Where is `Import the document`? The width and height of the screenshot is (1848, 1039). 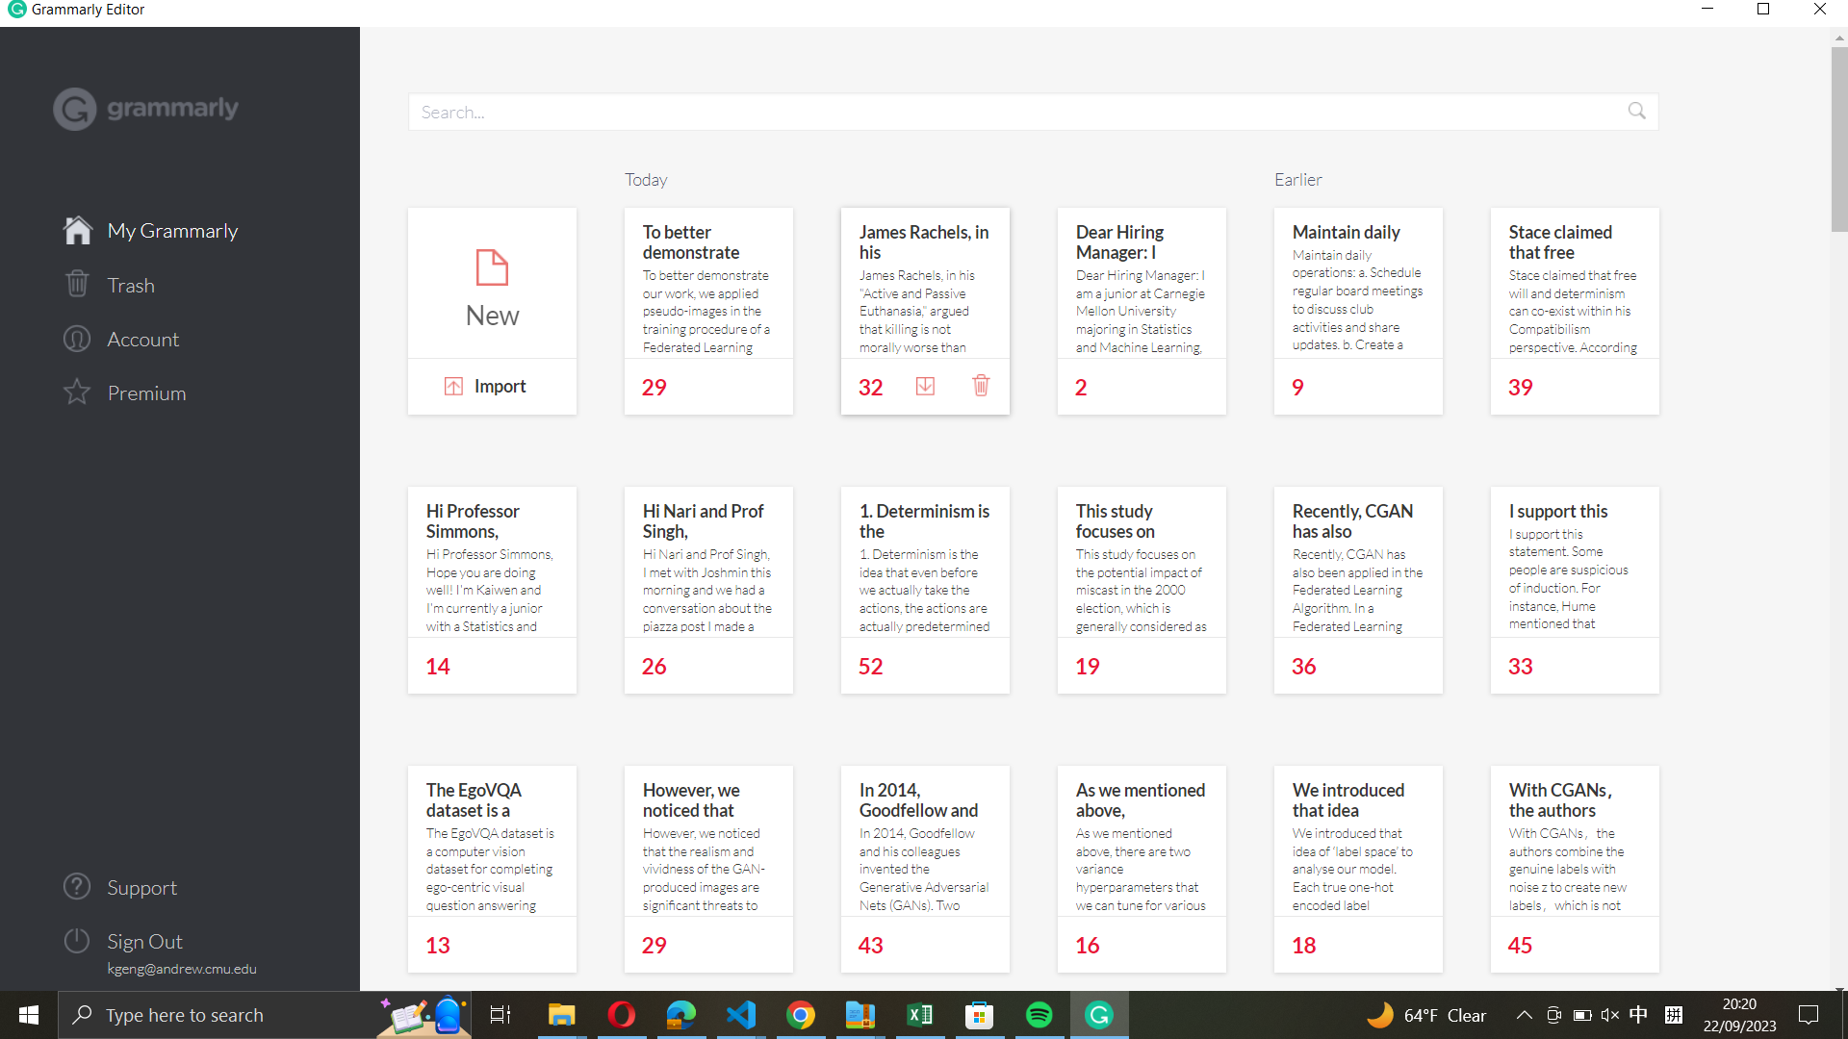 Import the document is located at coordinates (491, 389).